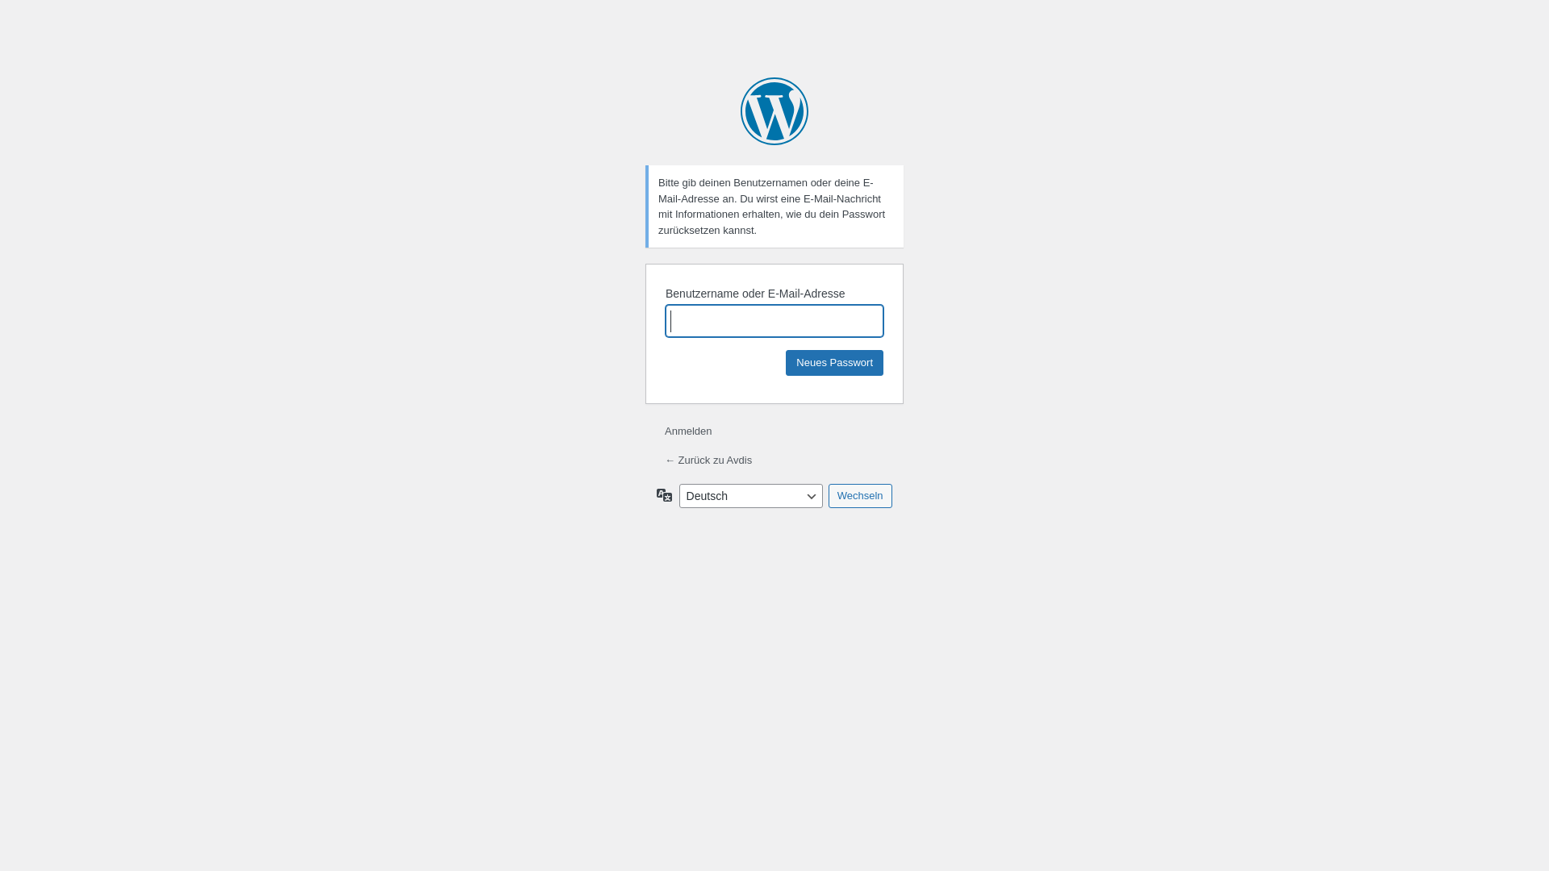 This screenshot has width=1549, height=871. I want to click on 'Powered by WordPress', so click(774, 110).